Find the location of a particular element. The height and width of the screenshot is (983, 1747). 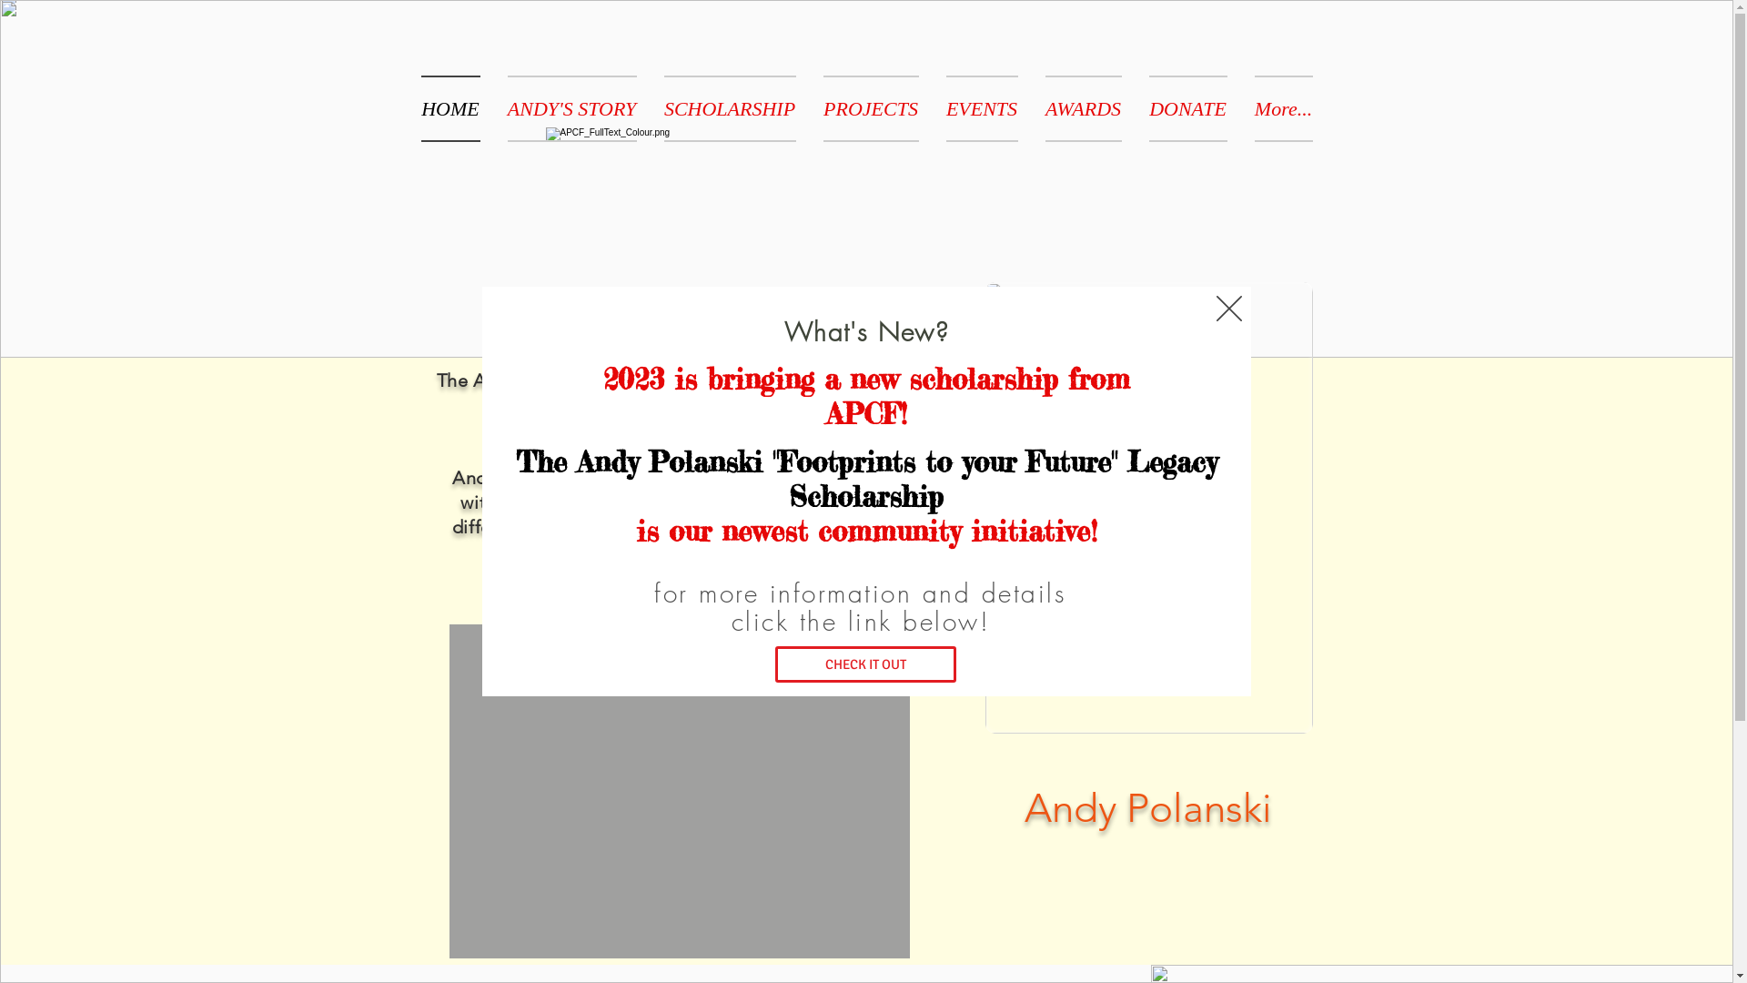

'PROJECTS' is located at coordinates (870, 108).